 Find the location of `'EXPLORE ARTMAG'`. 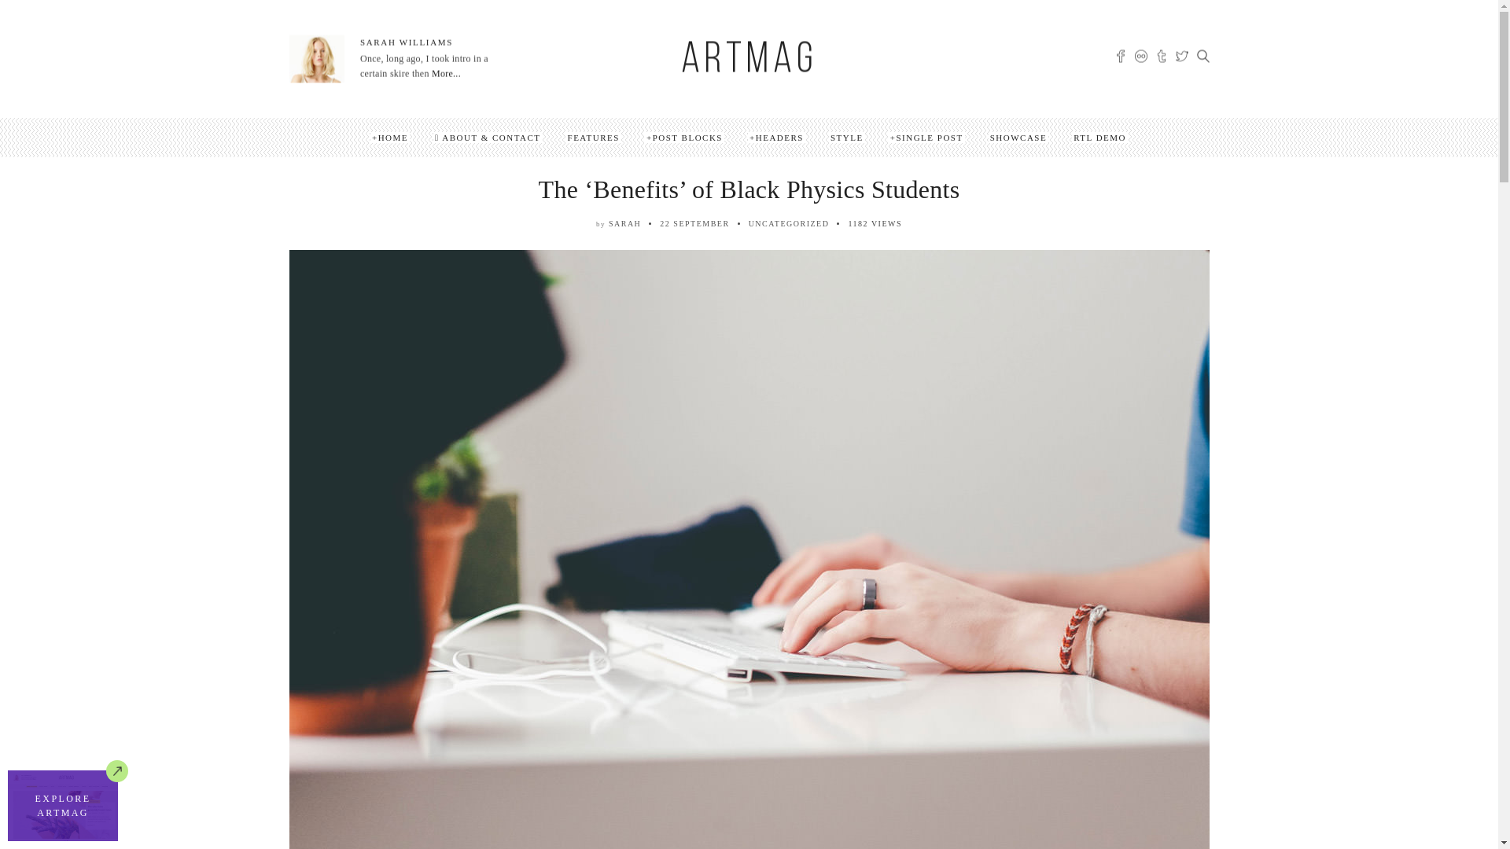

'EXPLORE ARTMAG' is located at coordinates (7, 806).